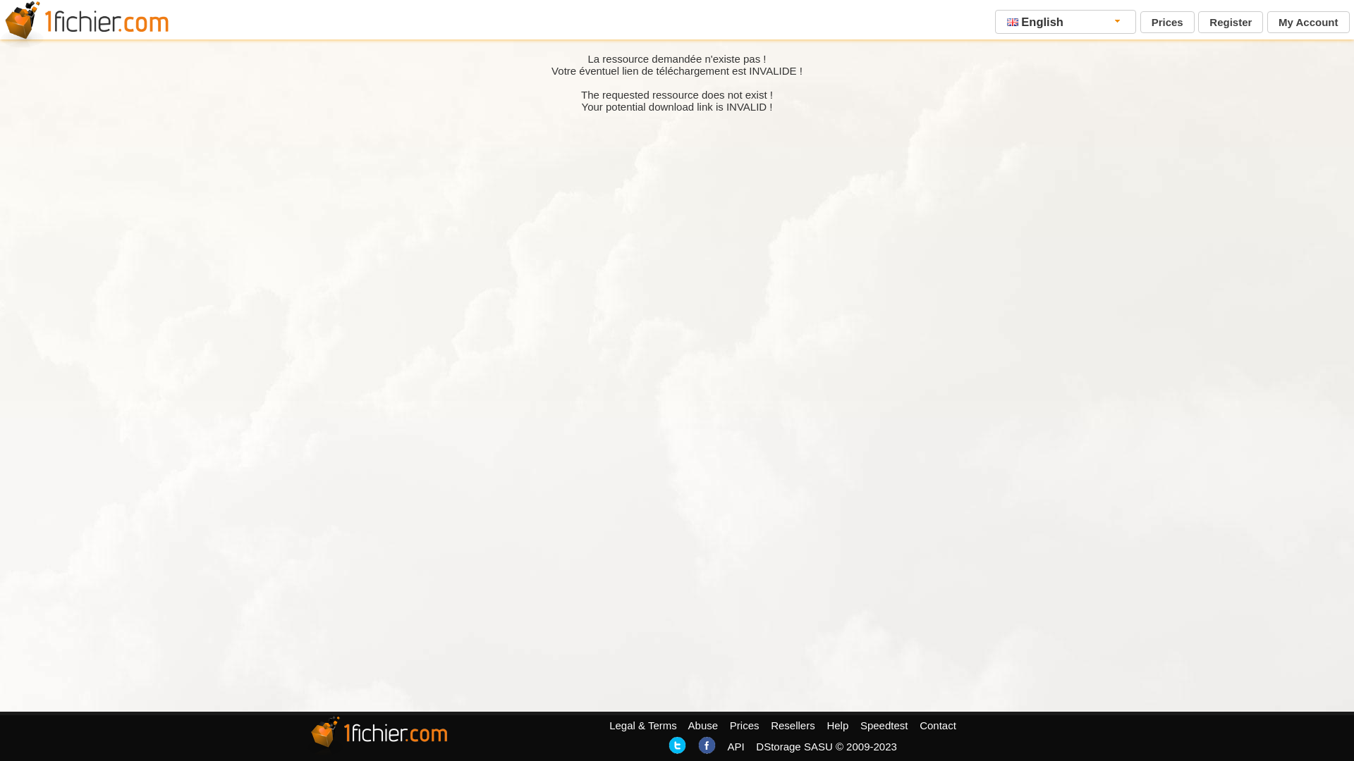  I want to click on 'My Account', so click(1307, 22).